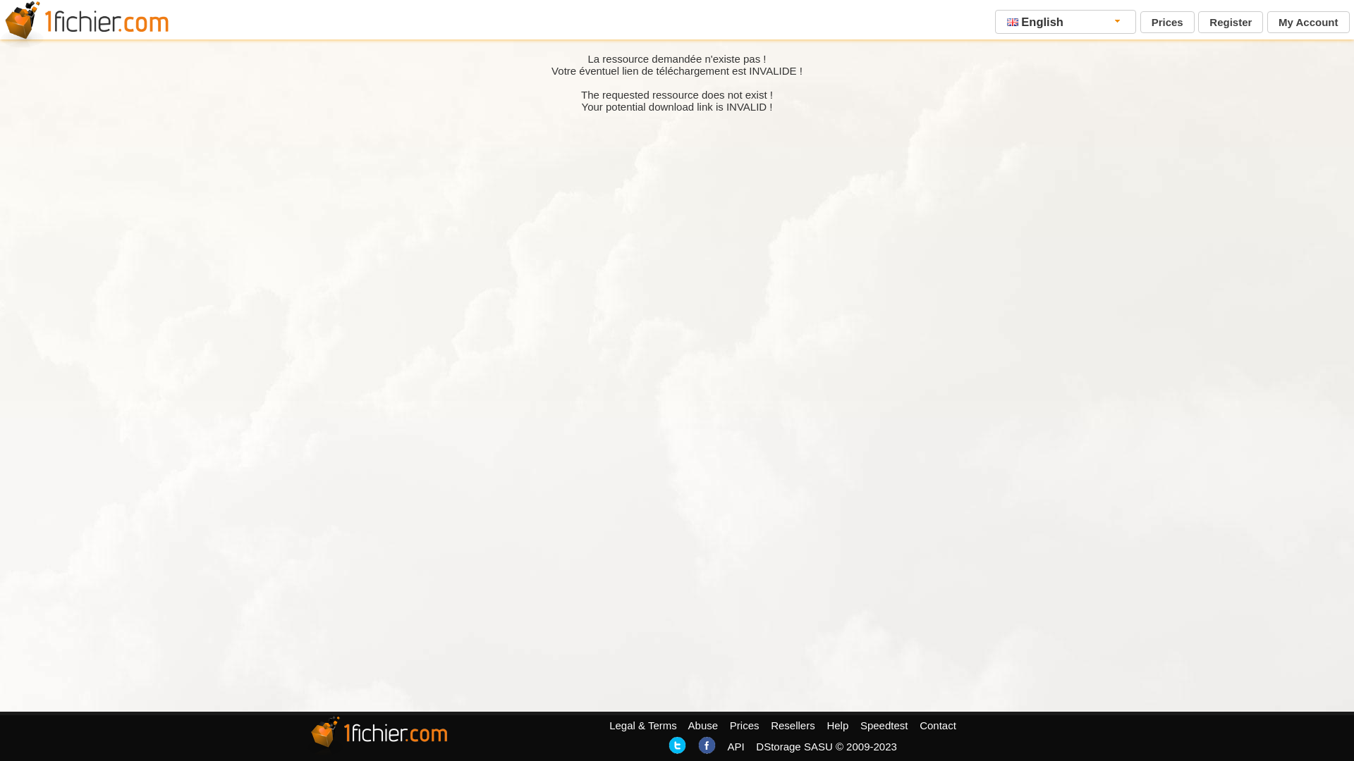  I want to click on 'My Account', so click(1307, 22).